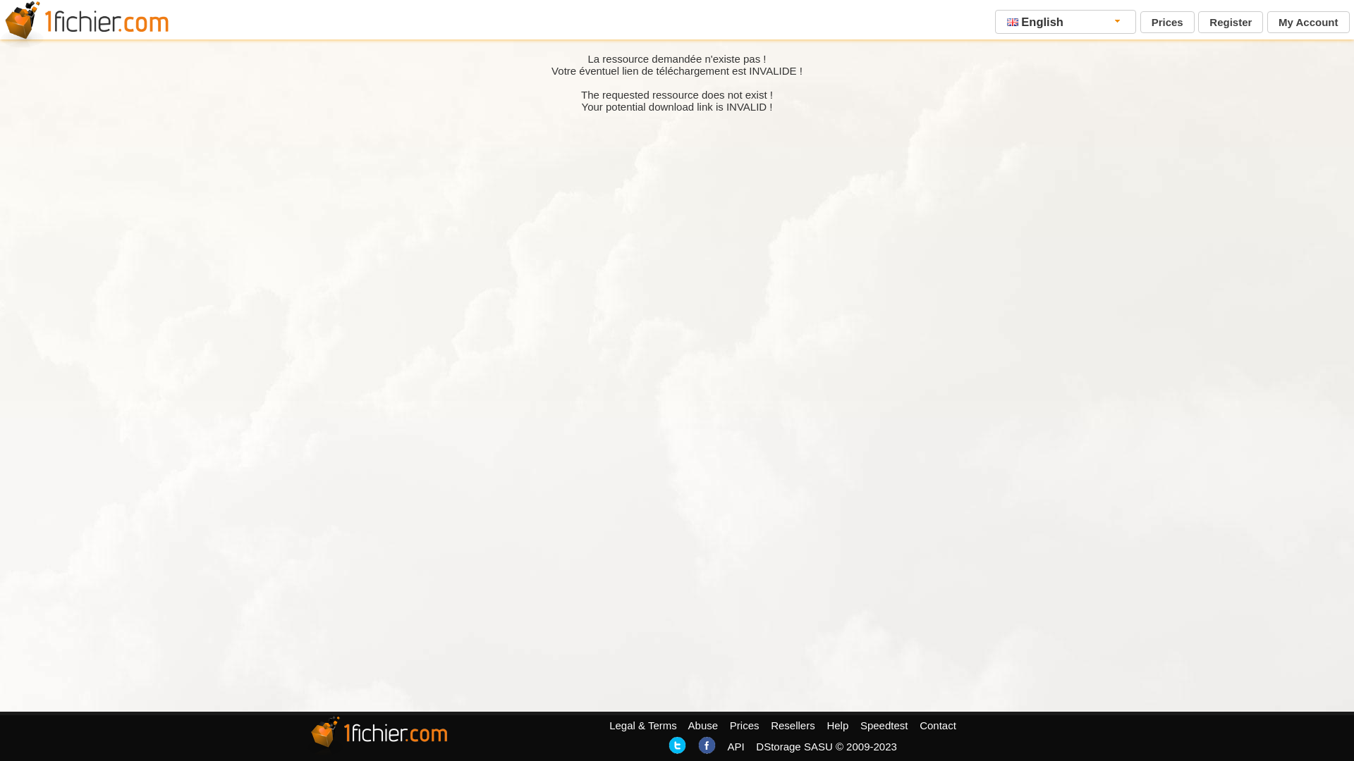  I want to click on 'My Account', so click(1307, 22).